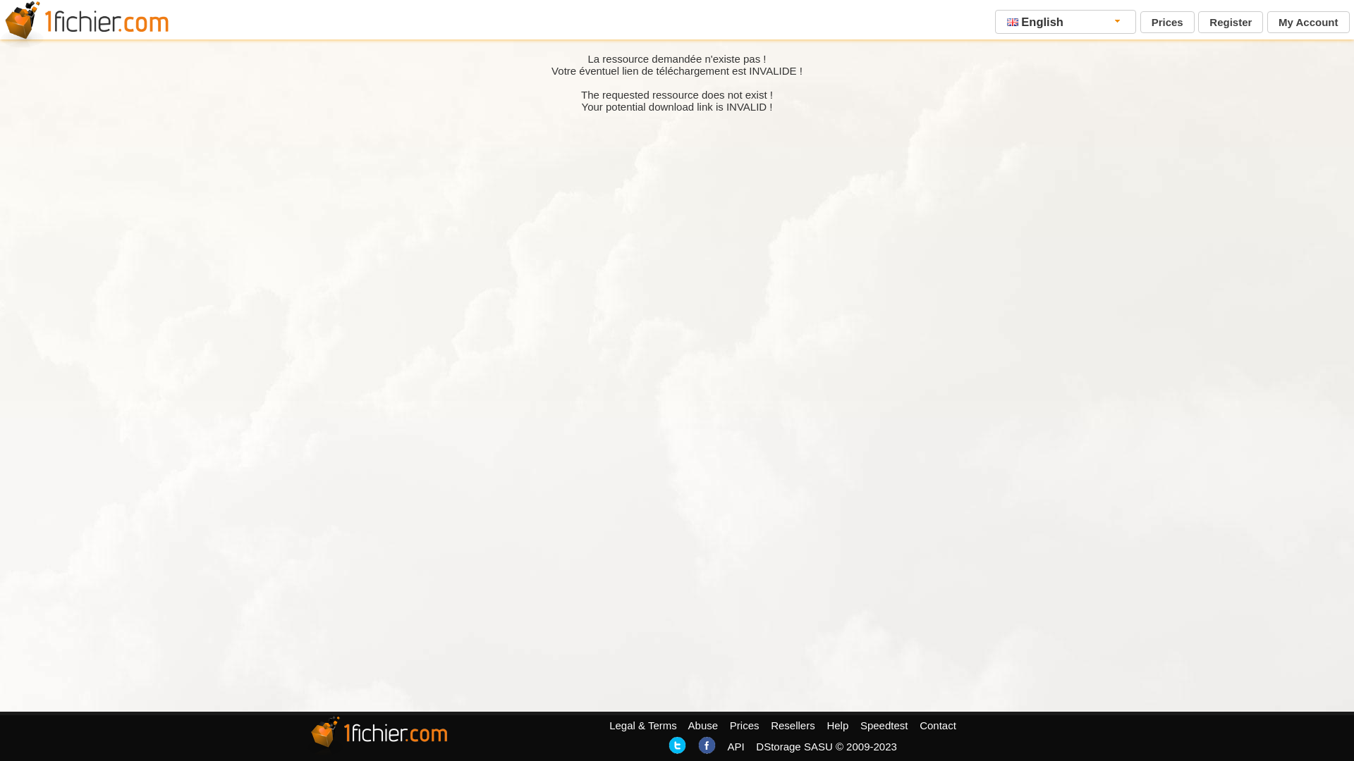  I want to click on 'My Account', so click(1307, 22).